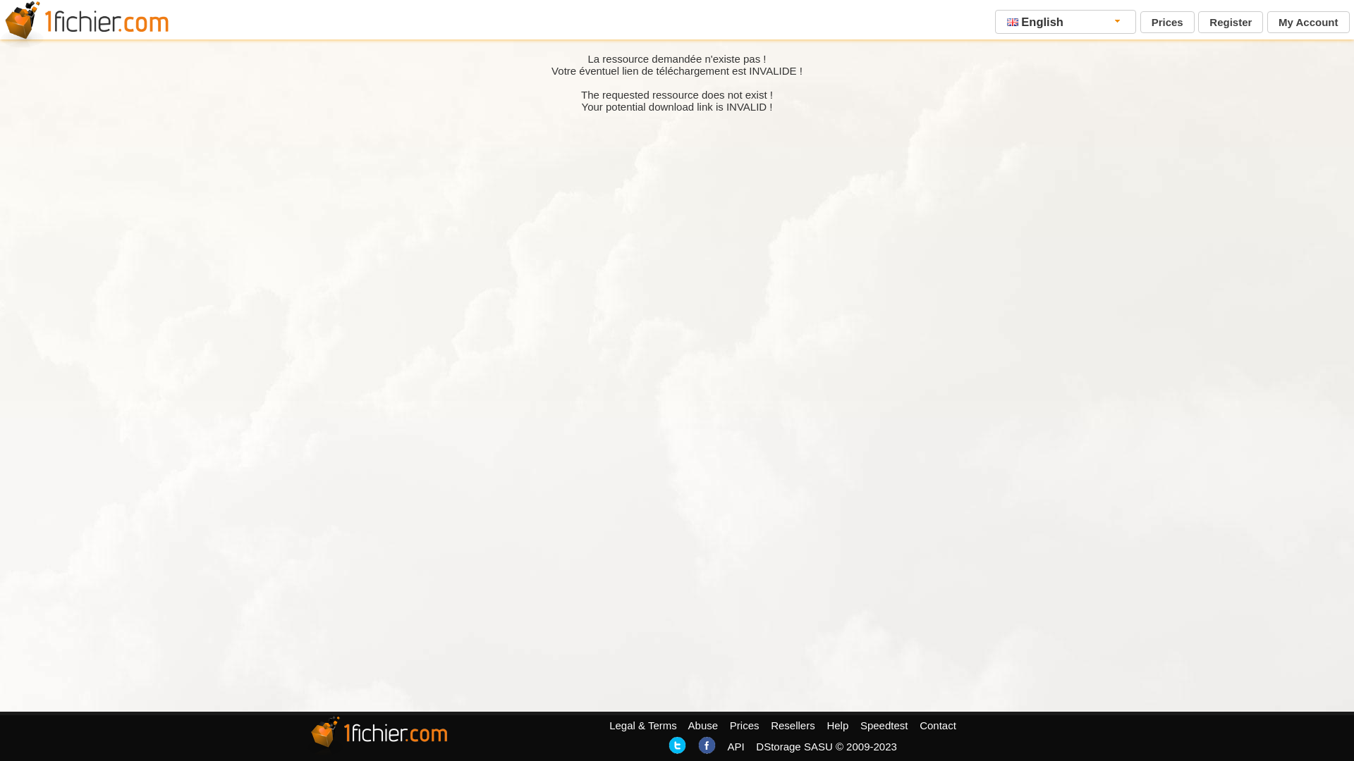  I want to click on 'My Account', so click(1307, 22).